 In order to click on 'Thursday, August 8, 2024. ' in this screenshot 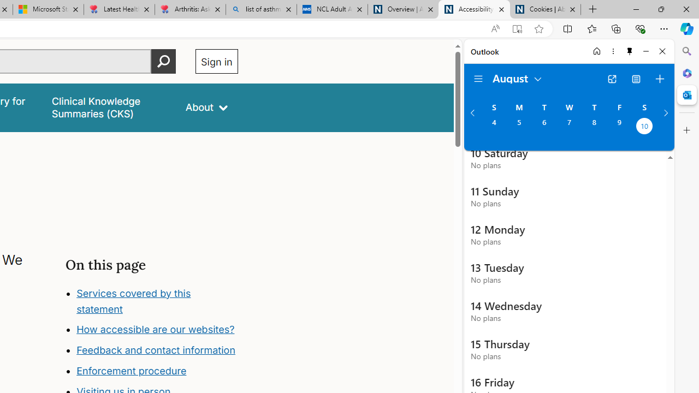, I will do `click(594, 127)`.